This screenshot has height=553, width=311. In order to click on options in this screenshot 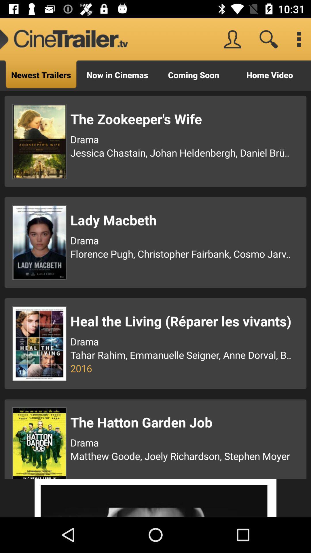, I will do `click(298, 39)`.